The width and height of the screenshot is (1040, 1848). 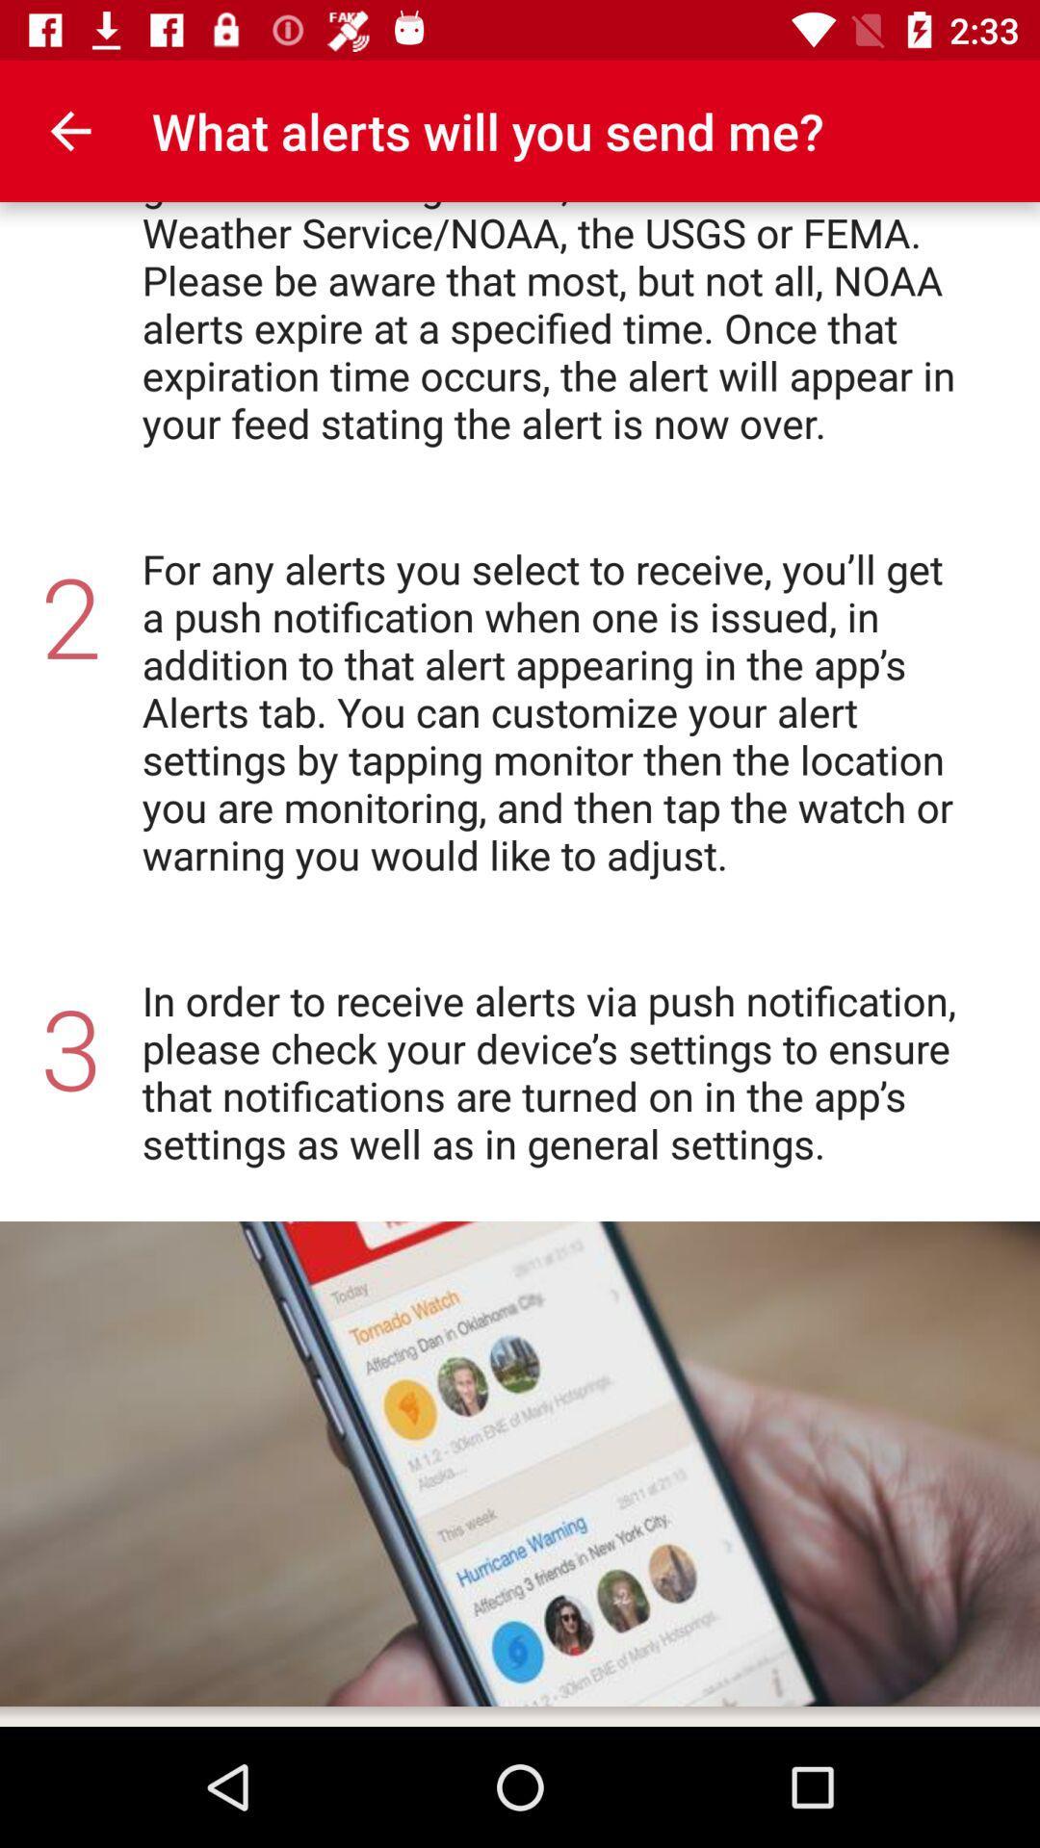 What do you see at coordinates (69, 130) in the screenshot?
I see `item to the left of the for each location icon` at bounding box center [69, 130].